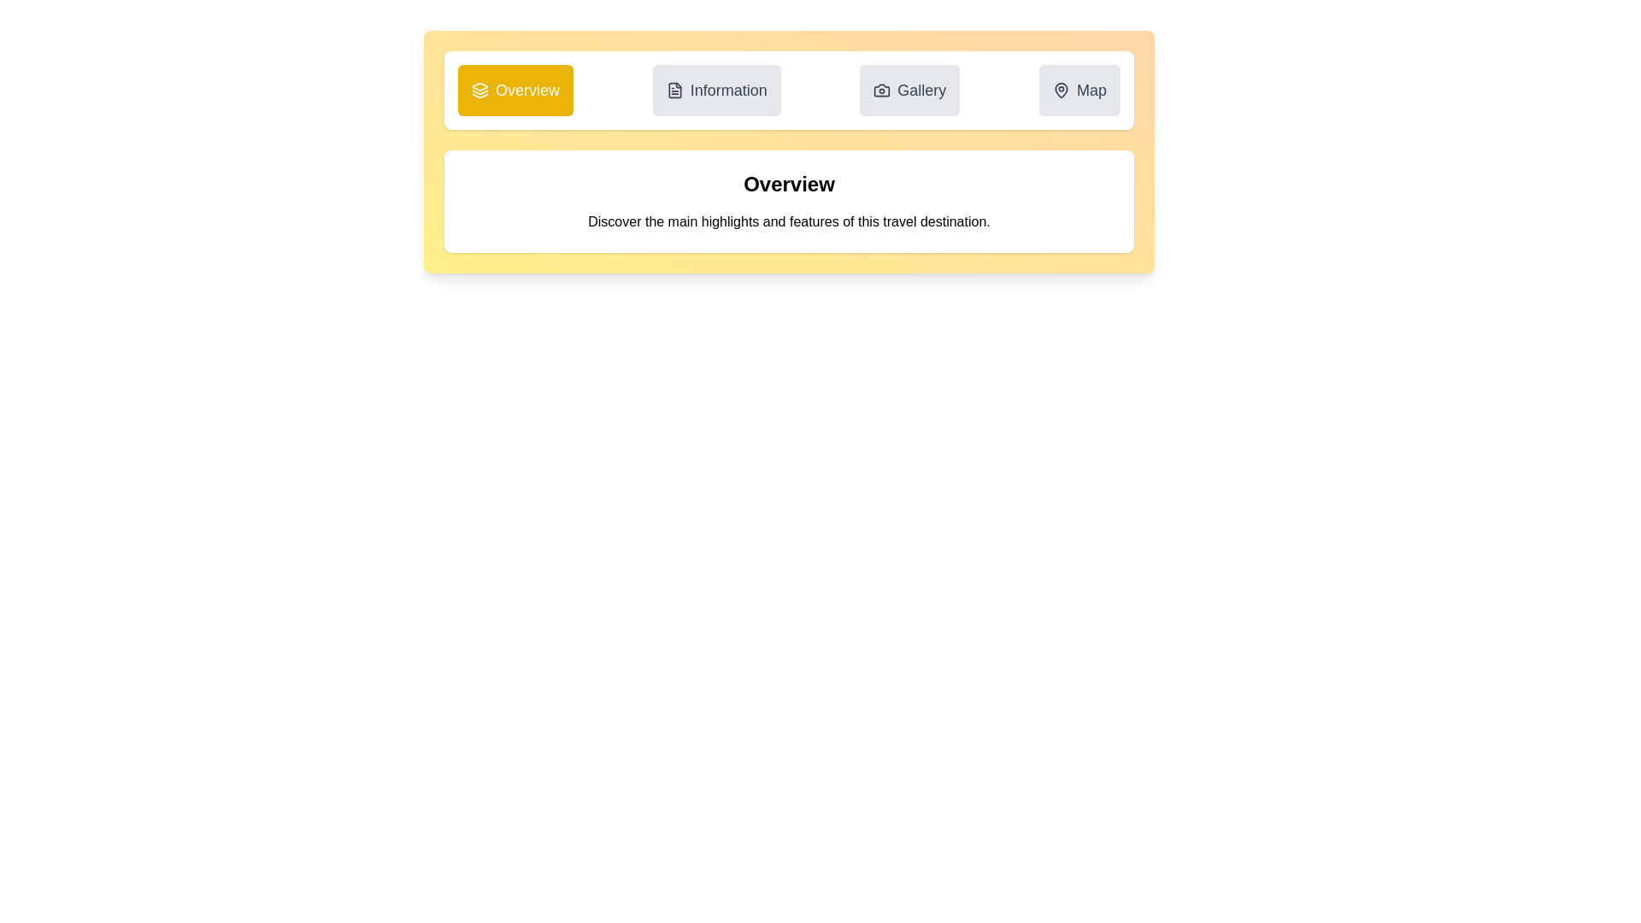 Image resolution: width=1641 pixels, height=923 pixels. Describe the element at coordinates (909, 90) in the screenshot. I see `the Gallery tab` at that location.